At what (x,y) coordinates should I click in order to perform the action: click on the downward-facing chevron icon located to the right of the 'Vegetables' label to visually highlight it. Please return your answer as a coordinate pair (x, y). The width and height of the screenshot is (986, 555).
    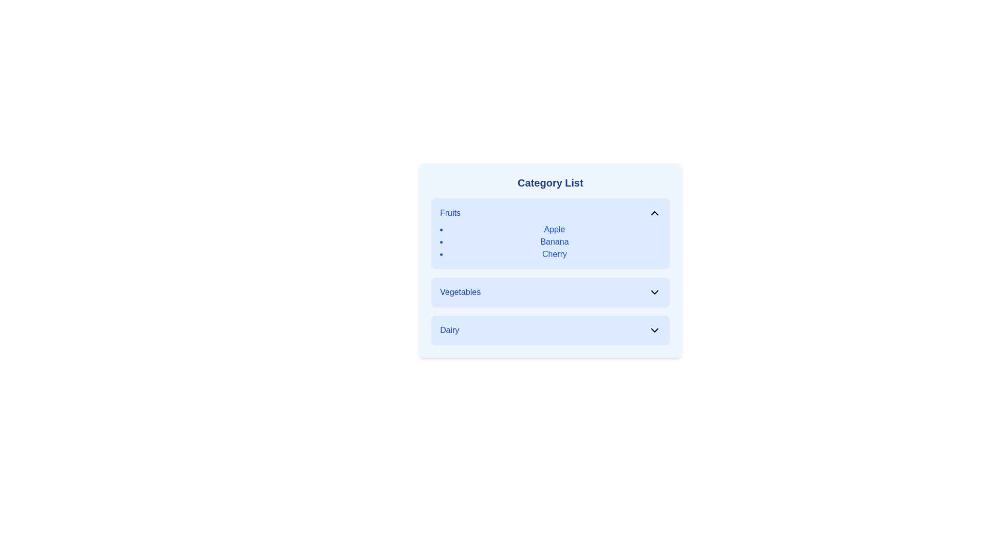
    Looking at the image, I should click on (654, 292).